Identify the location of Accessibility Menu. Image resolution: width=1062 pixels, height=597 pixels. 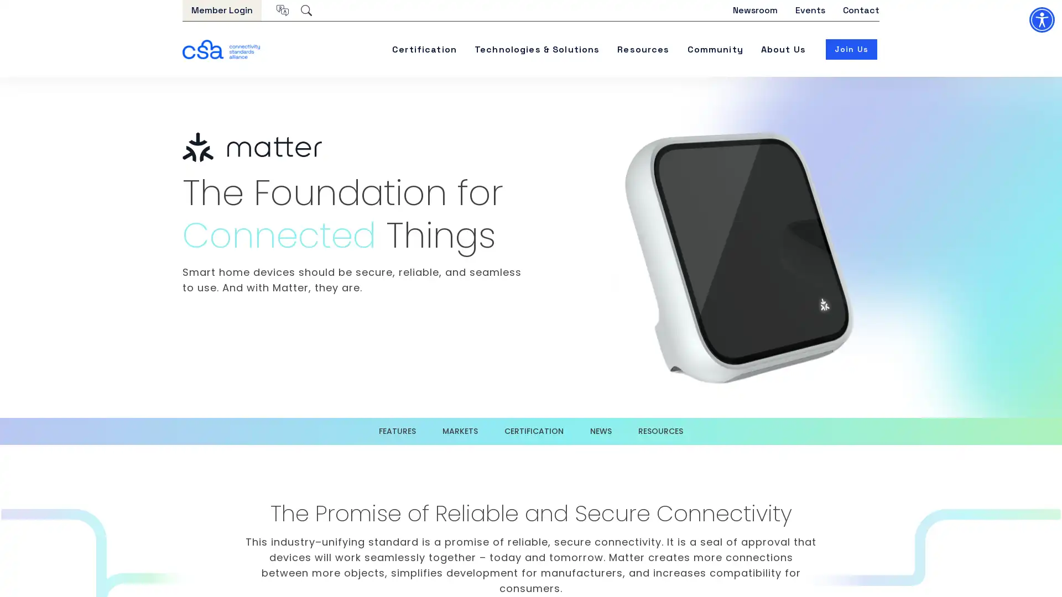
(1041, 19).